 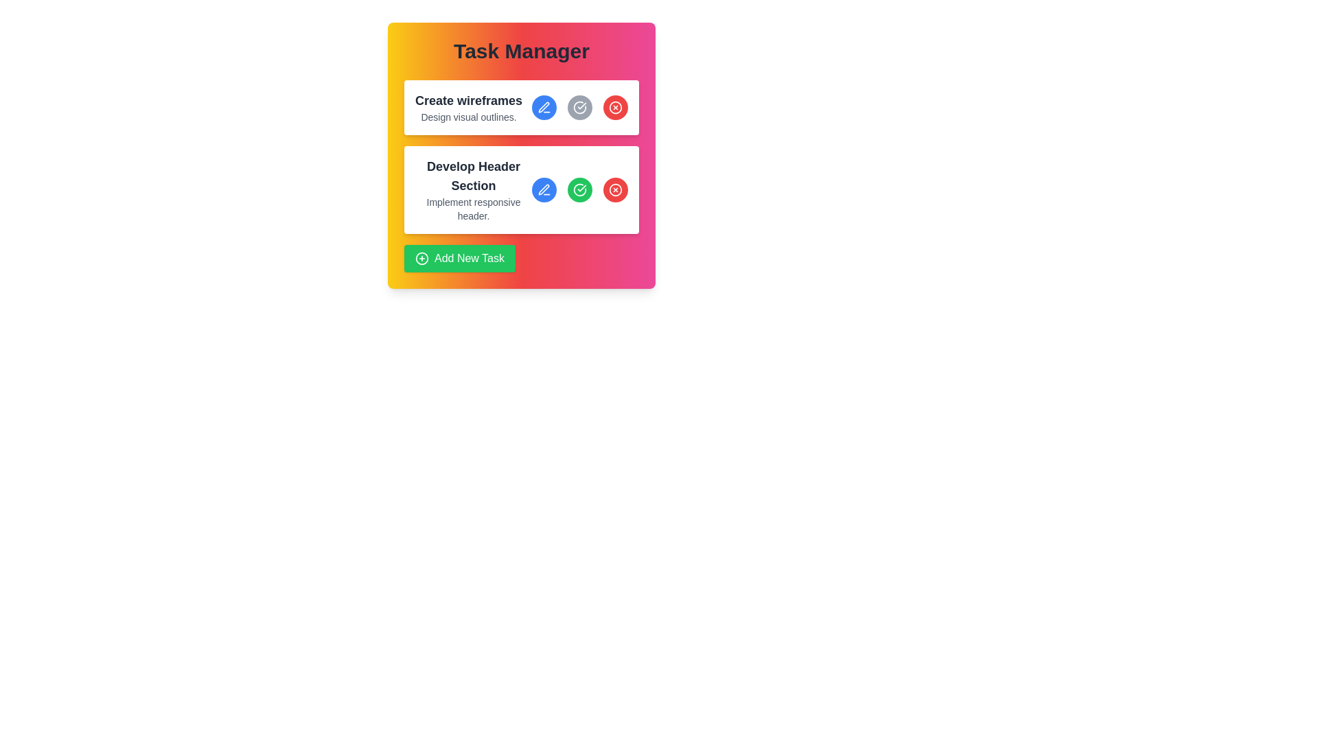 What do you see at coordinates (469, 116) in the screenshot?
I see `the Text Label that provides additional details for the task 'Create wireframes', located beneath the heading 'Create wireframes' in the task manager interface` at bounding box center [469, 116].